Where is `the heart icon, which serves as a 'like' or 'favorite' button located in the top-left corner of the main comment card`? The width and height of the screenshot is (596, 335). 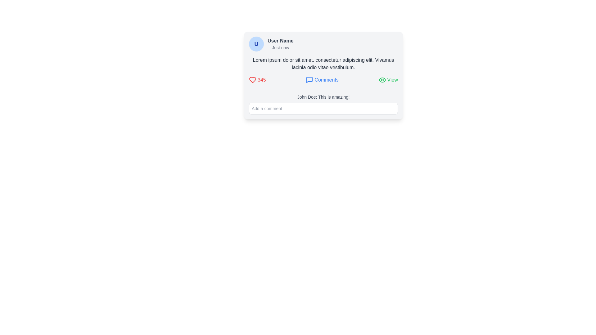
the heart icon, which serves as a 'like' or 'favorite' button located in the top-left corner of the main comment card is located at coordinates (253, 80).